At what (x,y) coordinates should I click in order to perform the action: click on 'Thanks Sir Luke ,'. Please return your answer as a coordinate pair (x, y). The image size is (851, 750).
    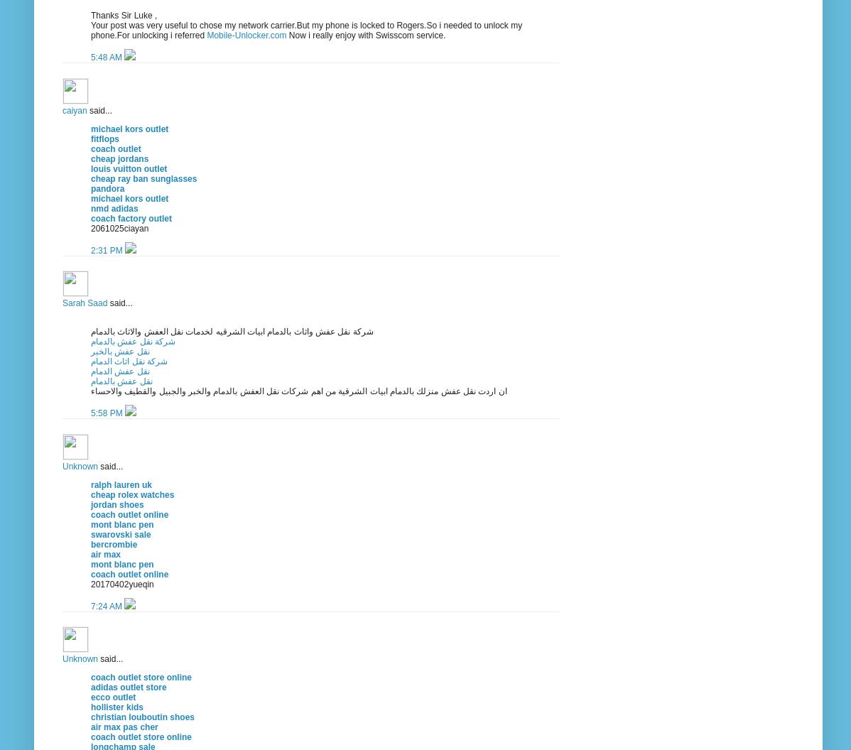
    Looking at the image, I should click on (90, 15).